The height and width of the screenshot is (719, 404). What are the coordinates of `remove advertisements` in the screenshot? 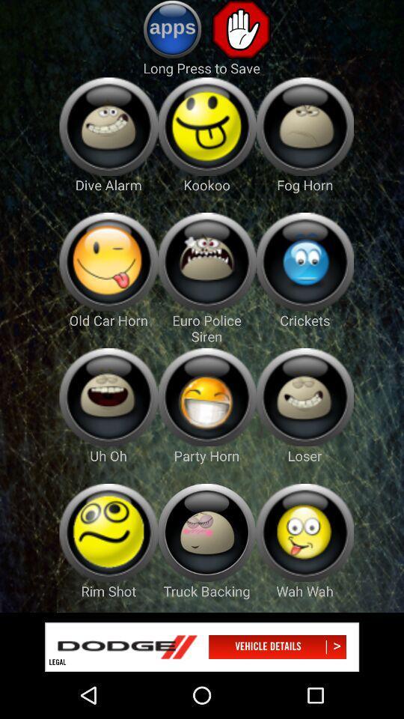 It's located at (241, 28).